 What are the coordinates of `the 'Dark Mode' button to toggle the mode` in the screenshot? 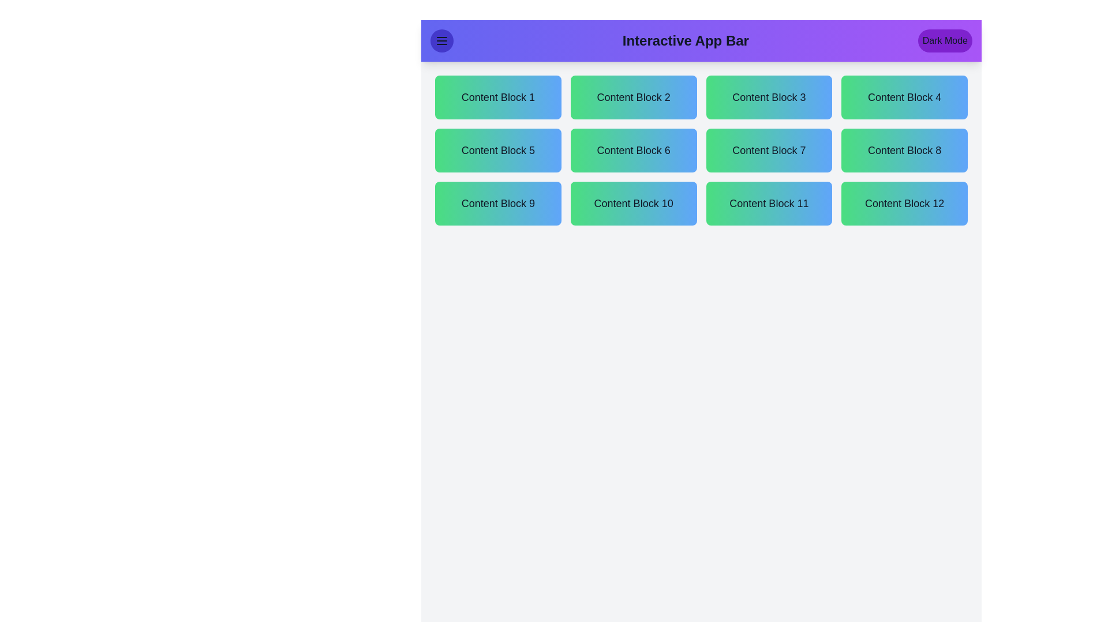 It's located at (945, 40).